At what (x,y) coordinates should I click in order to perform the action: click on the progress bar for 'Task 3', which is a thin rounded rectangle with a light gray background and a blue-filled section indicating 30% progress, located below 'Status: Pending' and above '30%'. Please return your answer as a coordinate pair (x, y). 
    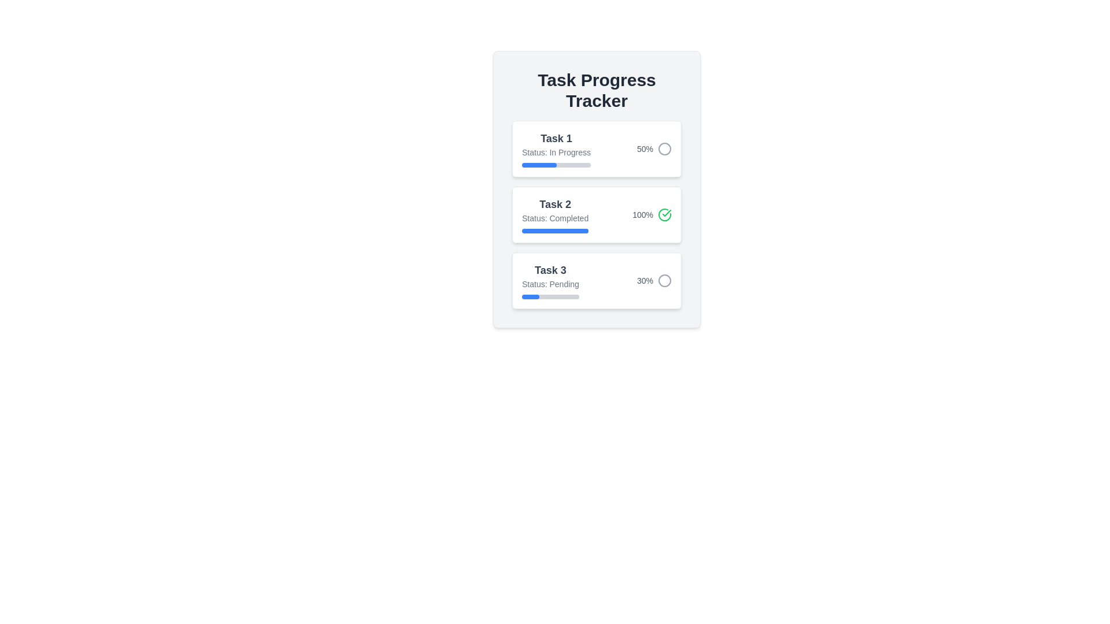
    Looking at the image, I should click on (550, 296).